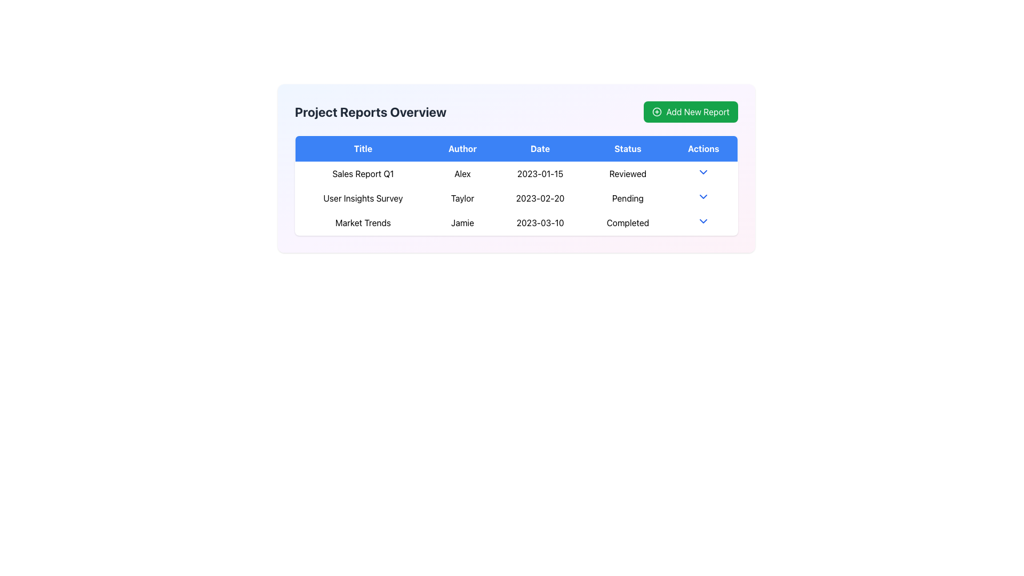  I want to click on the circular '+' icon located to the left of the 'Add New Report' button for visual information, so click(657, 111).